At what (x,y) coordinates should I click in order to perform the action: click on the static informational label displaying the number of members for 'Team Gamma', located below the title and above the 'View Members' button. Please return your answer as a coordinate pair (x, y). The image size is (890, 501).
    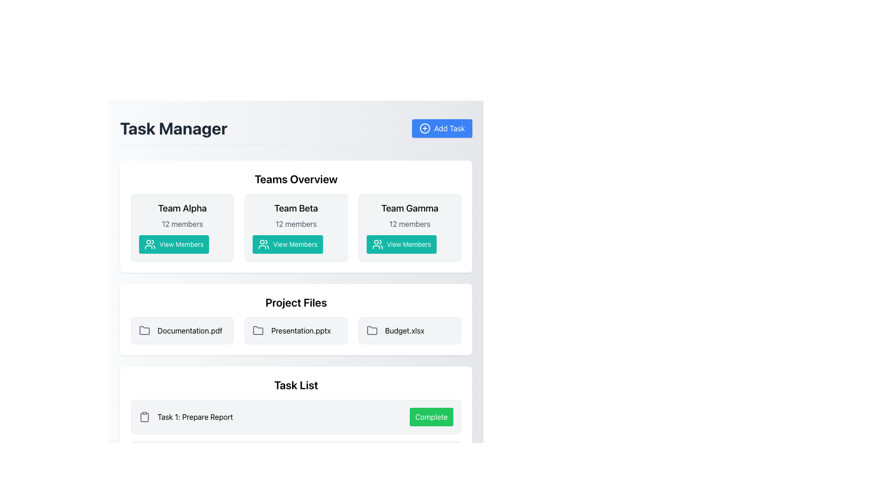
    Looking at the image, I should click on (409, 224).